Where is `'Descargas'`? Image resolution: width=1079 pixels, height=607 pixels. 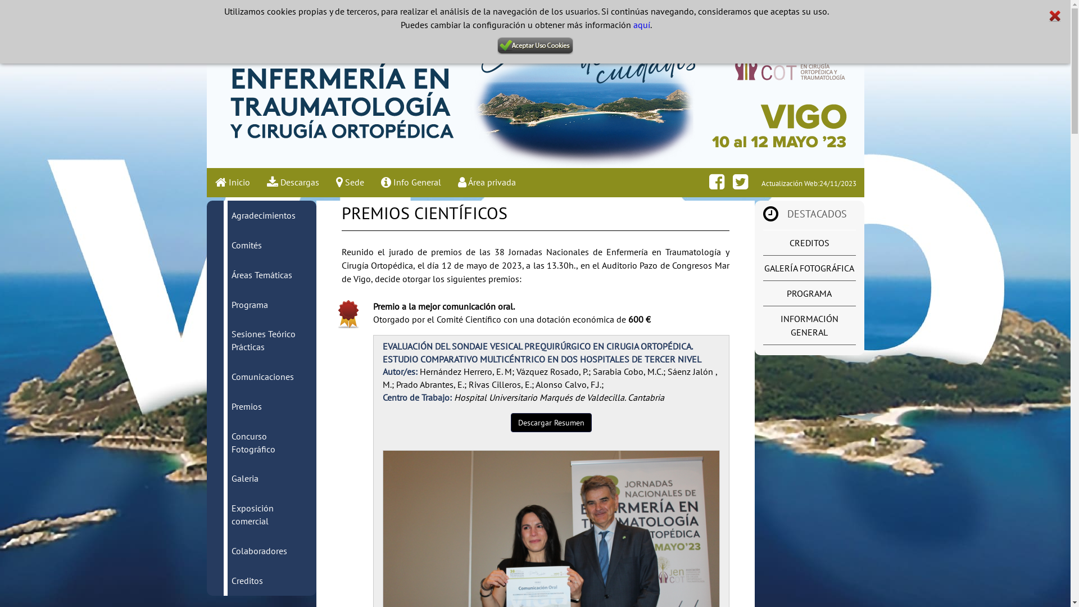
'Descargas' is located at coordinates (293, 182).